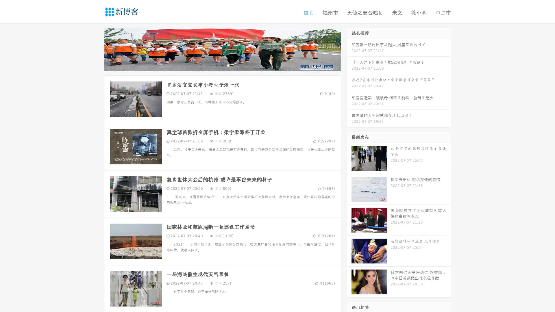  What do you see at coordinates (349, 49) in the screenshot?
I see `Next slide` at bounding box center [349, 49].